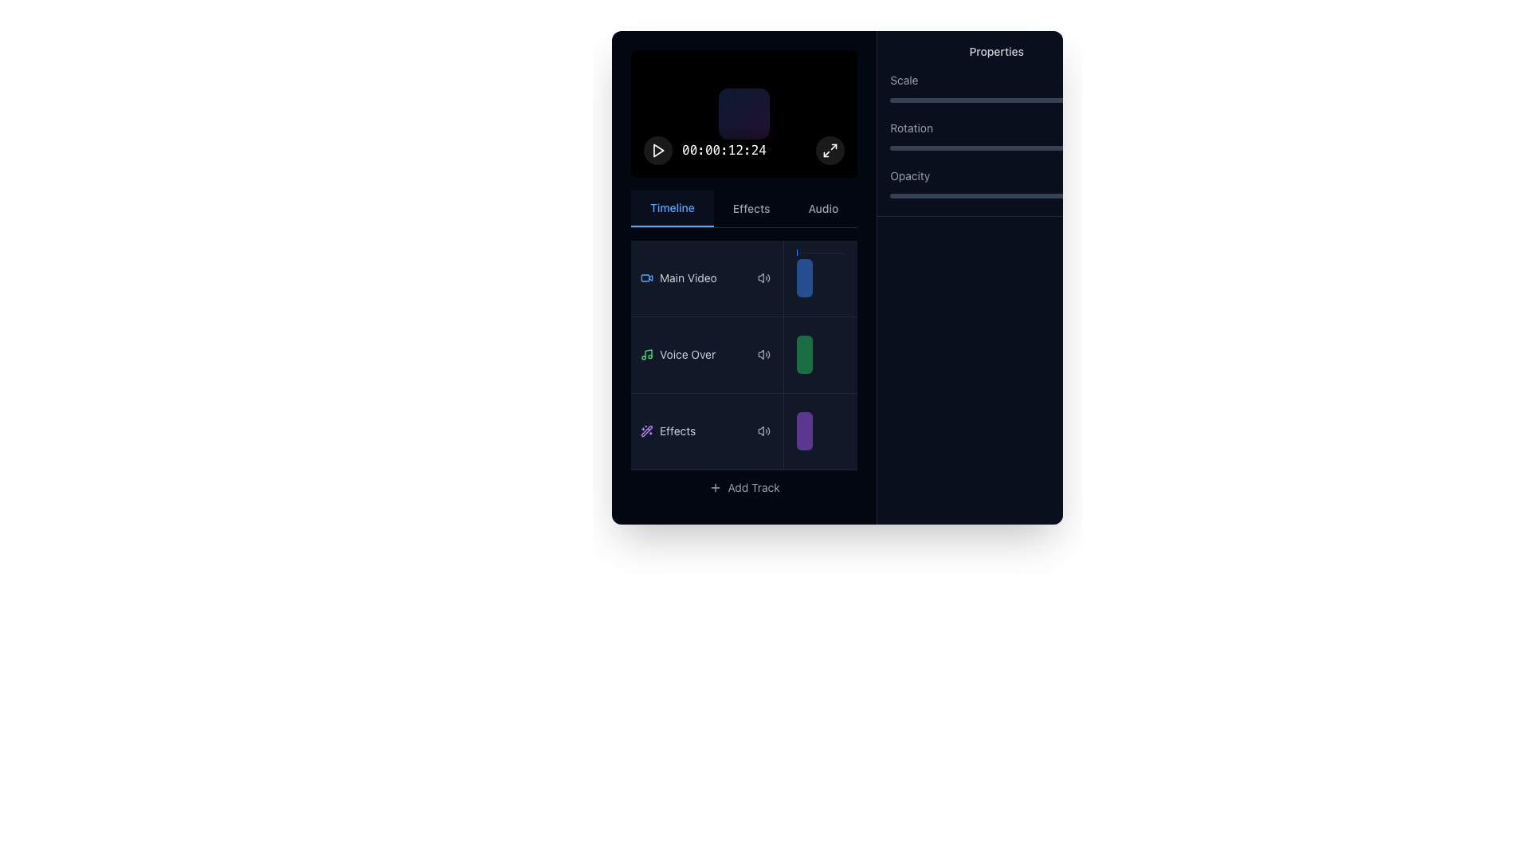  What do you see at coordinates (763, 353) in the screenshot?
I see `the button located to the right of the 'Voice Over' text` at bounding box center [763, 353].